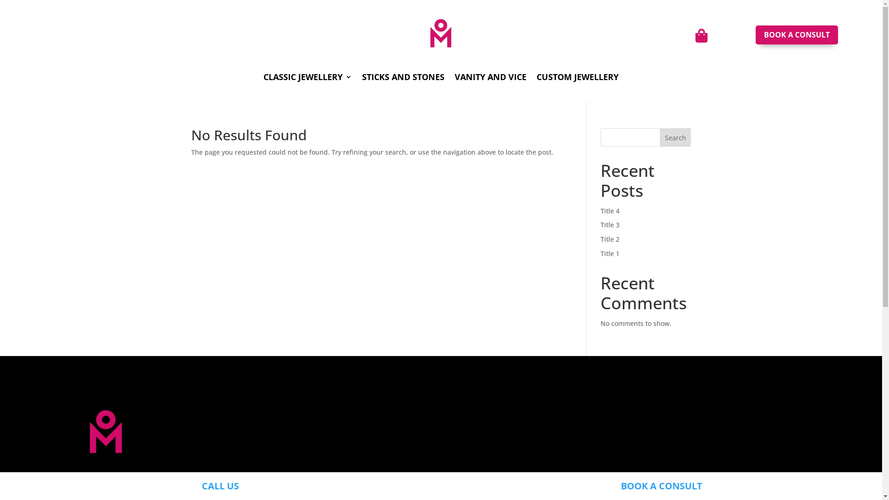  Describe the element at coordinates (600, 253) in the screenshot. I see `'Title 1'` at that location.